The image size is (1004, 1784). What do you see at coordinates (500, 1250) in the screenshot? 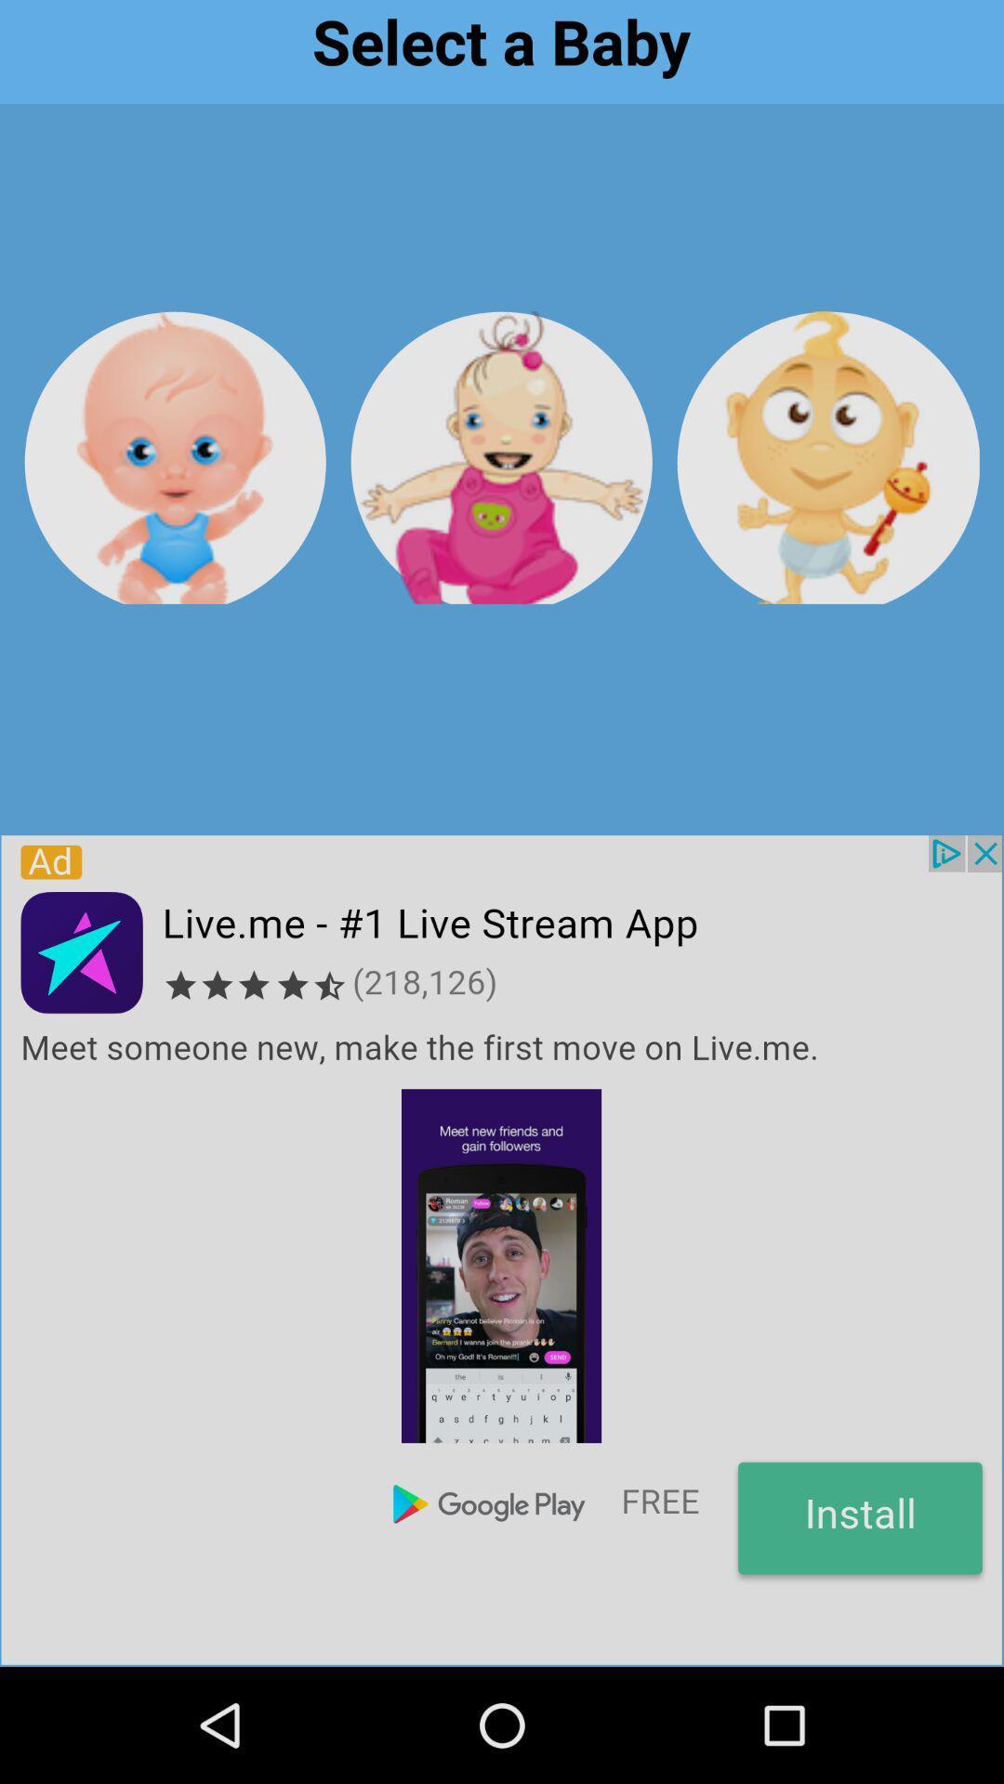
I see `advertisement` at bounding box center [500, 1250].